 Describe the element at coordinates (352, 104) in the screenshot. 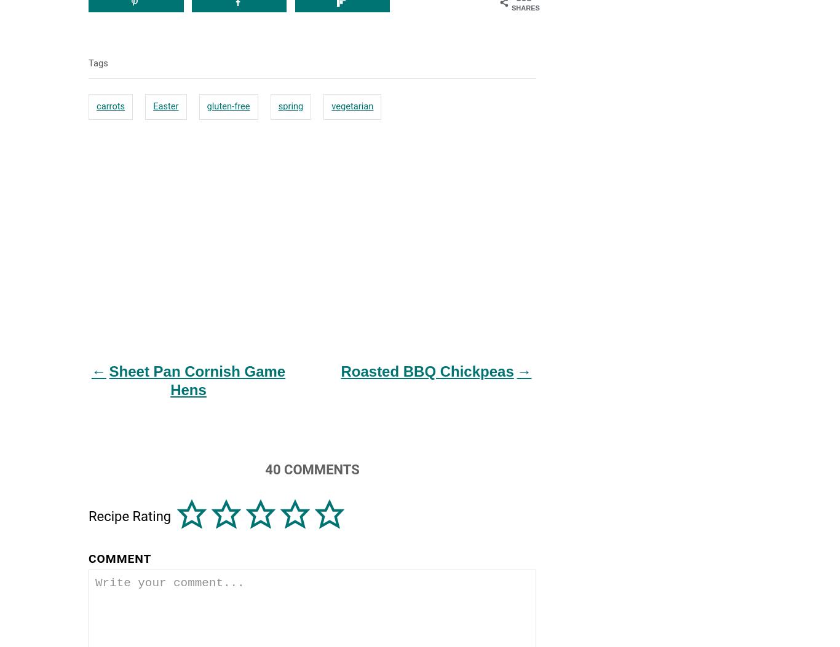

I see `'vegetarian'` at that location.